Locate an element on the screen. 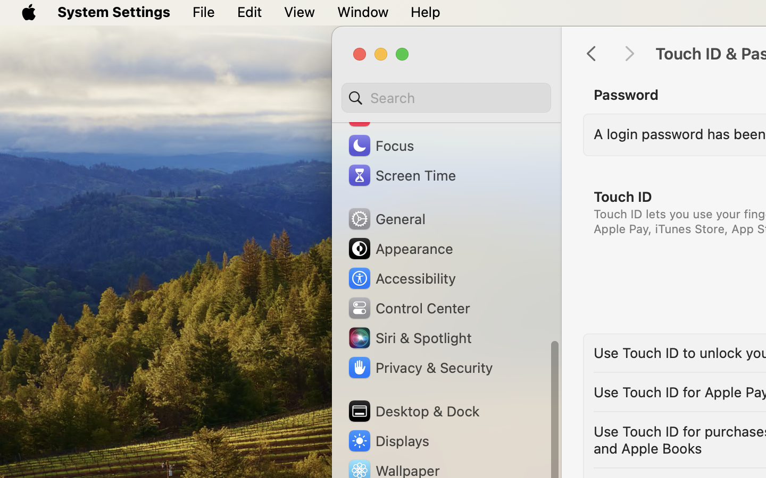 Image resolution: width=766 pixels, height=478 pixels. 'Displays' is located at coordinates (387, 440).